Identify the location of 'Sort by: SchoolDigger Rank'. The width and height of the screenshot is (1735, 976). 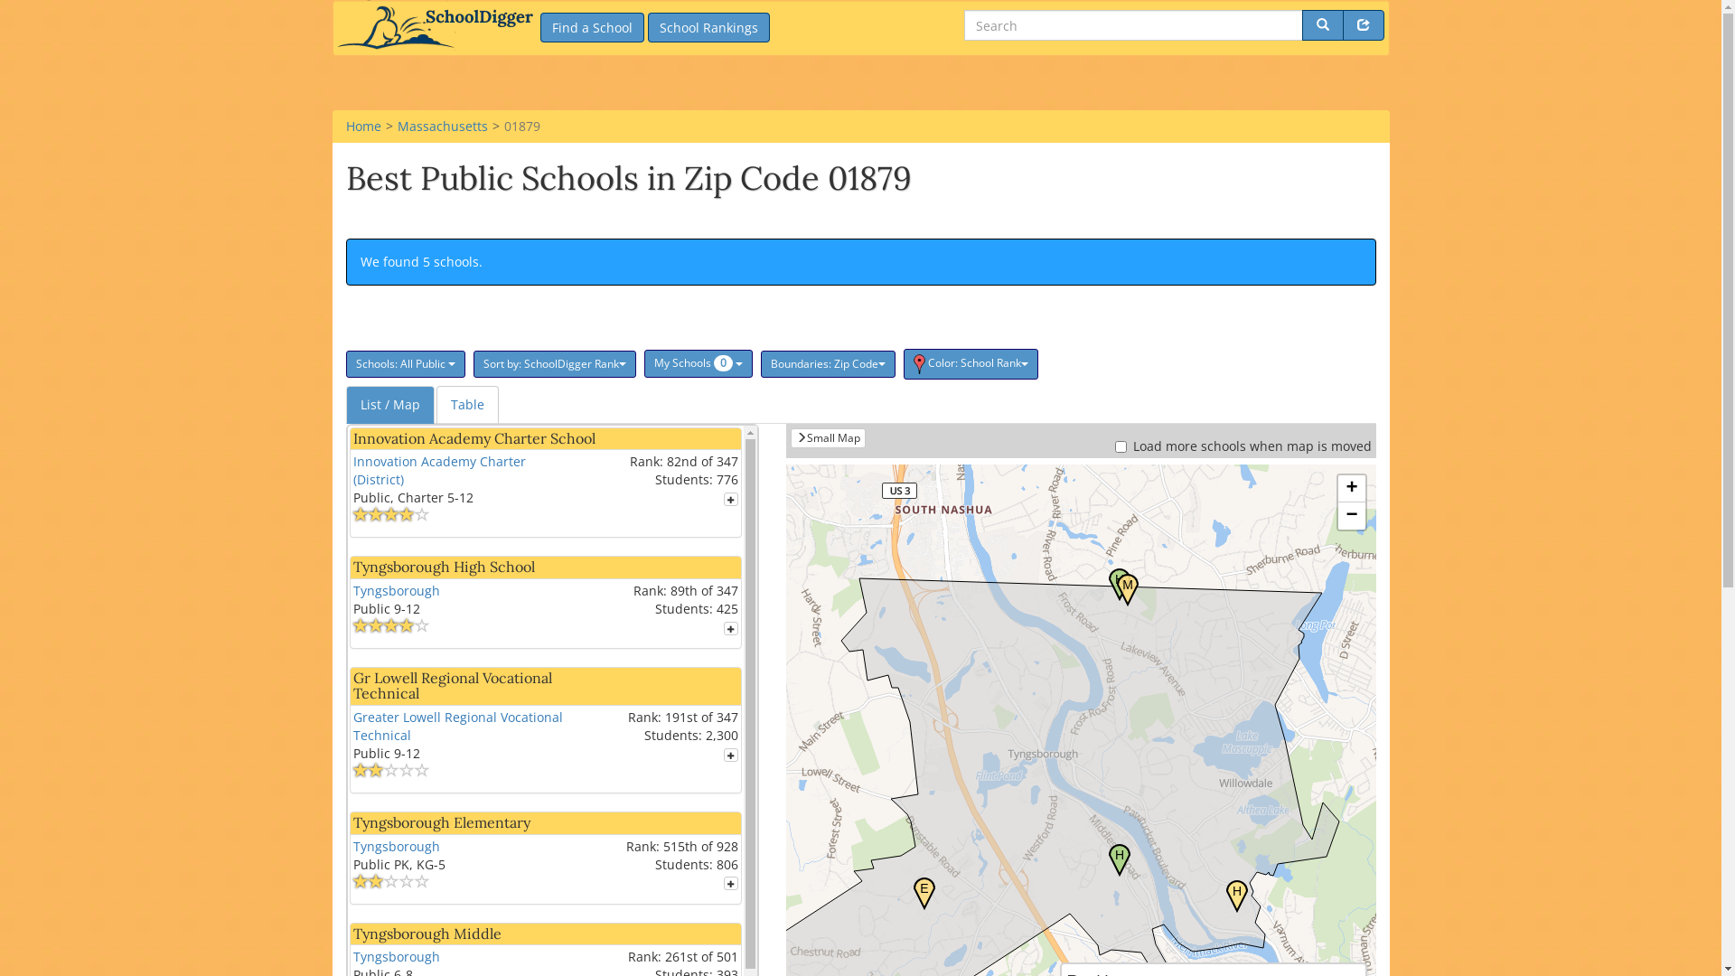
(473, 363).